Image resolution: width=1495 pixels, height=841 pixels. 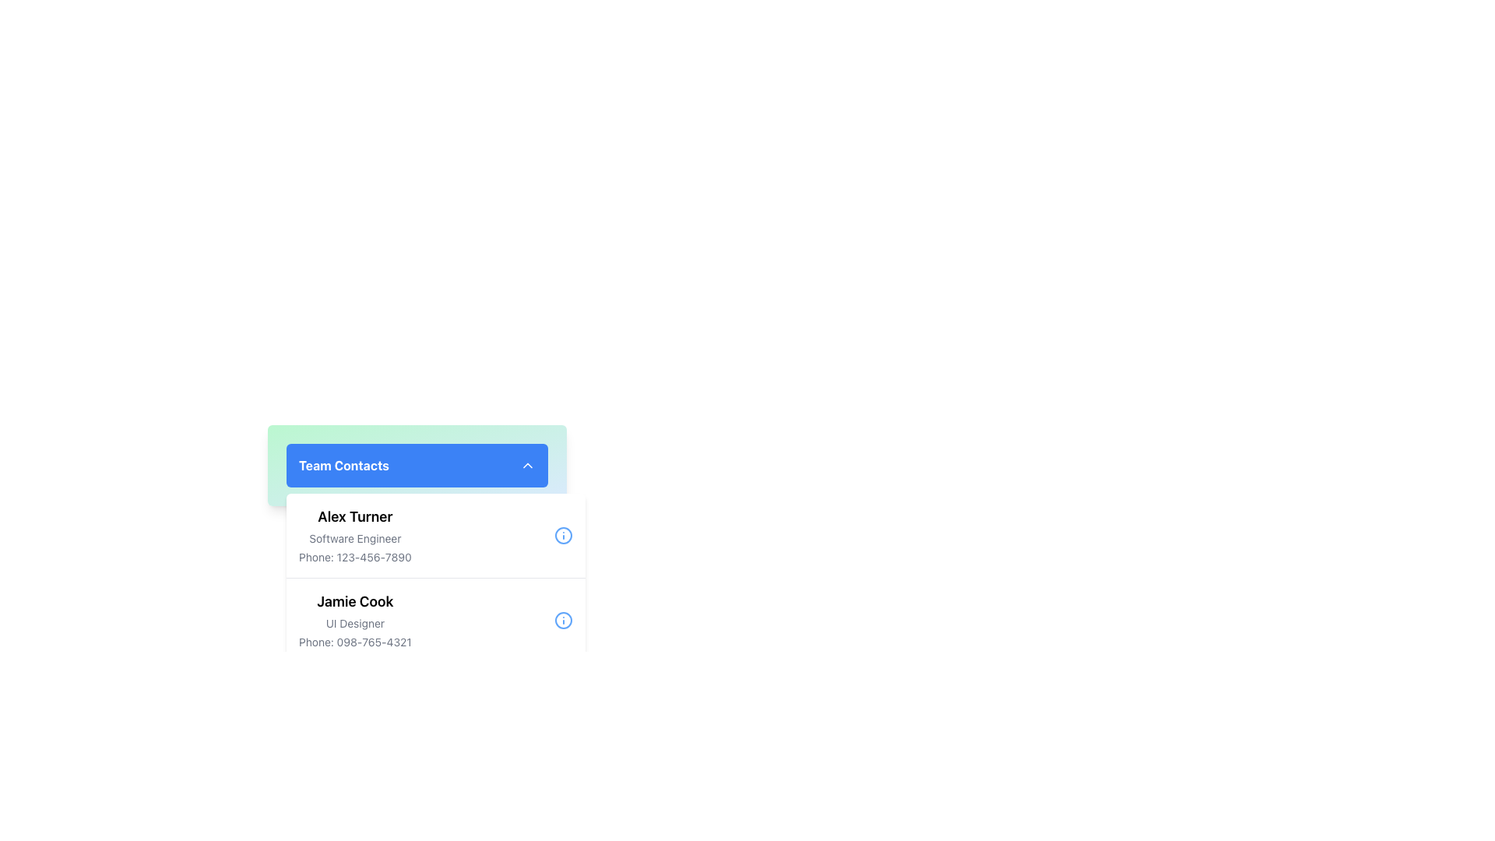 What do you see at coordinates (354, 623) in the screenshot?
I see `text label displaying 'UI Designer' in gray font, located between 'Jamie Cook' and 'Phone: 098-765-4321' in the contact information section` at bounding box center [354, 623].